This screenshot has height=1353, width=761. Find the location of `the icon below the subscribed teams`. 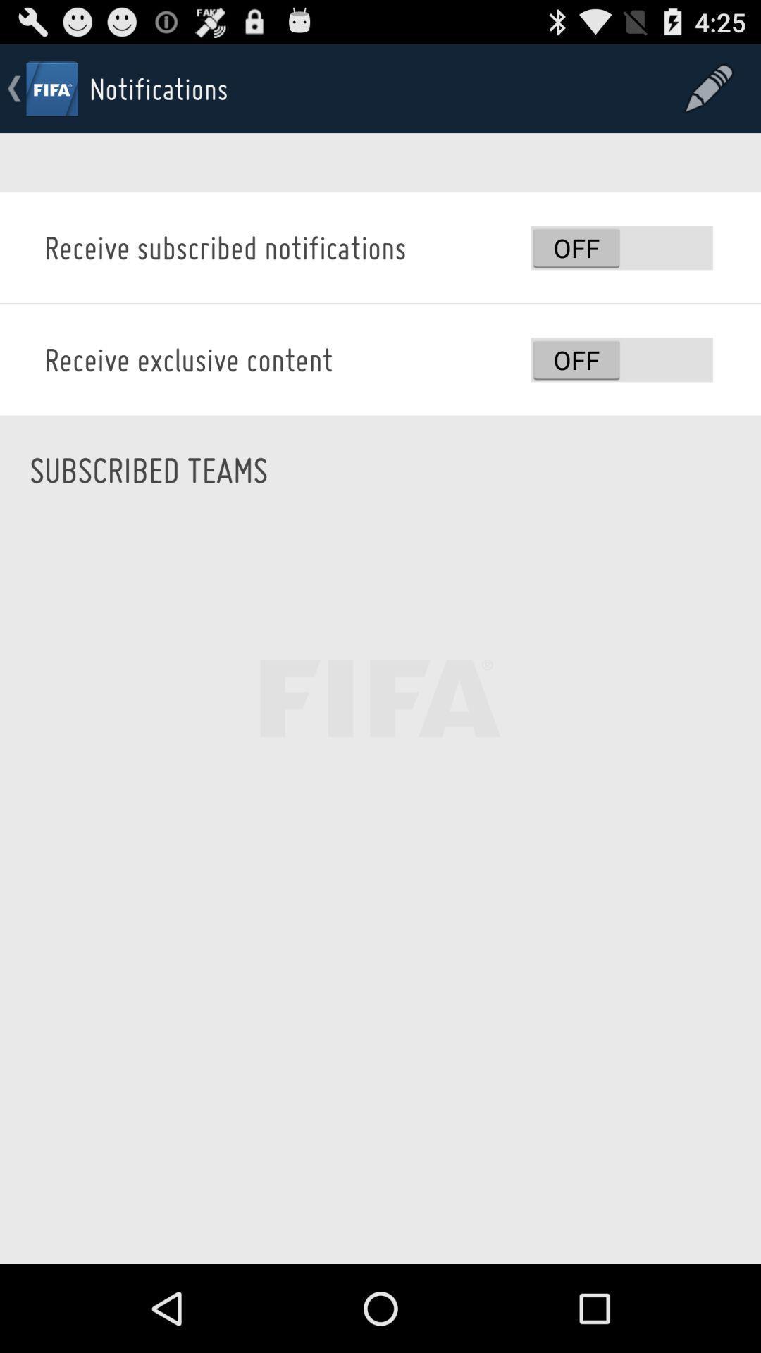

the icon below the subscribed teams is located at coordinates (380, 894).